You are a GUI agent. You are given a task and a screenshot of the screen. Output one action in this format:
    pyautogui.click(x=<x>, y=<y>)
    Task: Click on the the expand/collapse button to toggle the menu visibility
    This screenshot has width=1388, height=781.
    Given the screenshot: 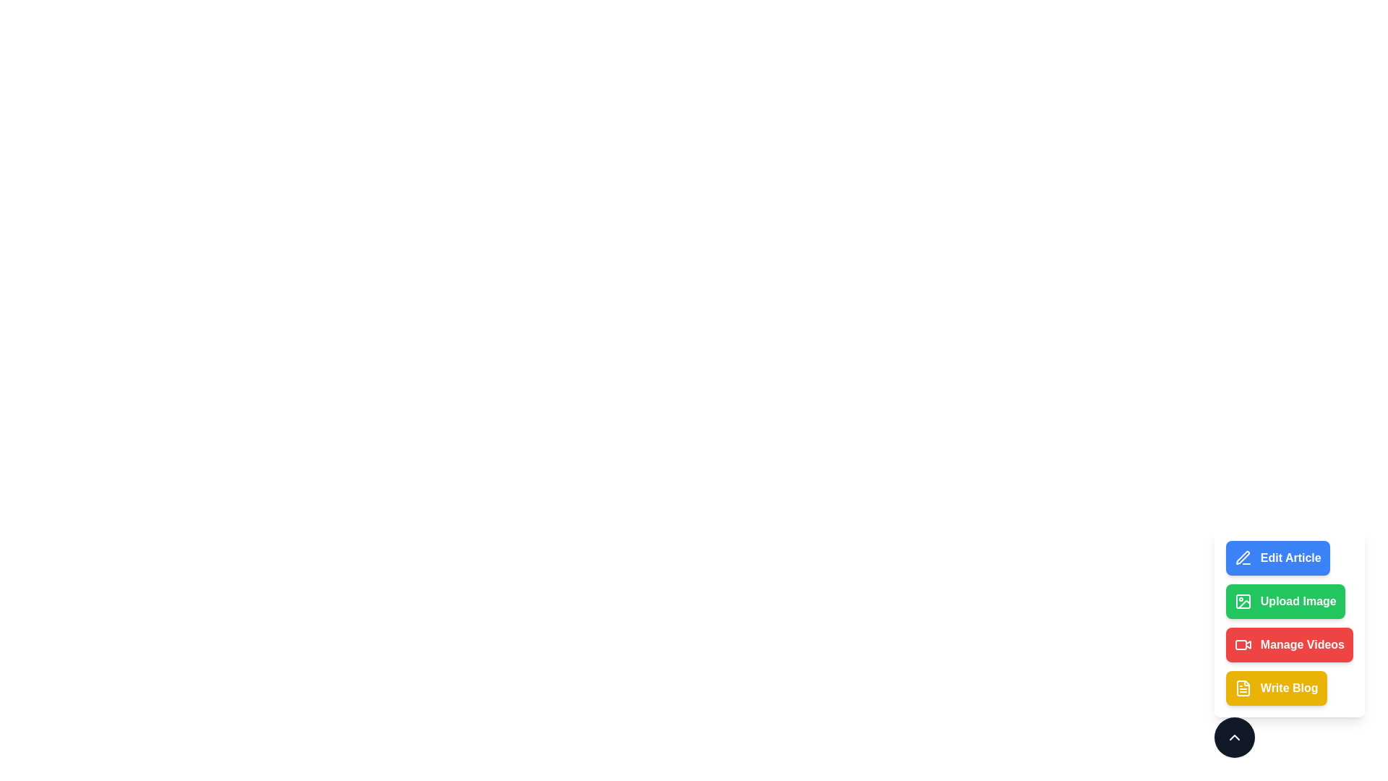 What is the action you would take?
    pyautogui.click(x=1233, y=737)
    